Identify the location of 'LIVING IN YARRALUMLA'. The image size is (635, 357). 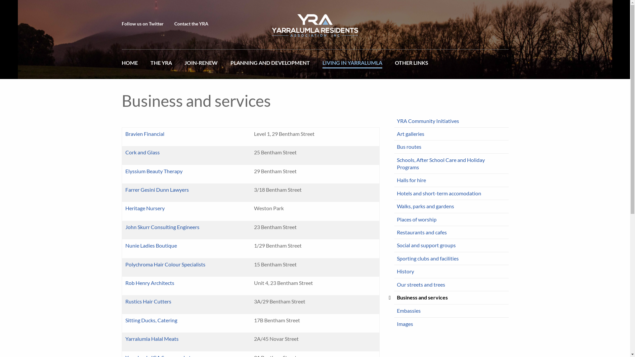
(352, 64).